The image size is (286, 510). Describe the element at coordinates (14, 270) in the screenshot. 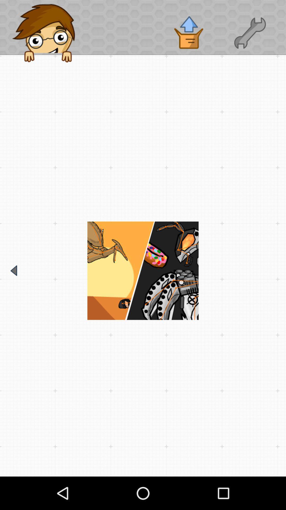

I see `go back` at that location.